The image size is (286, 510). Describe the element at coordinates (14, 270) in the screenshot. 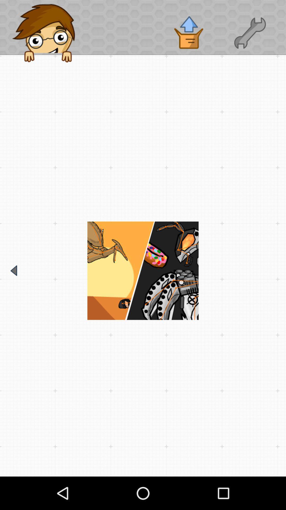

I see `go back` at that location.